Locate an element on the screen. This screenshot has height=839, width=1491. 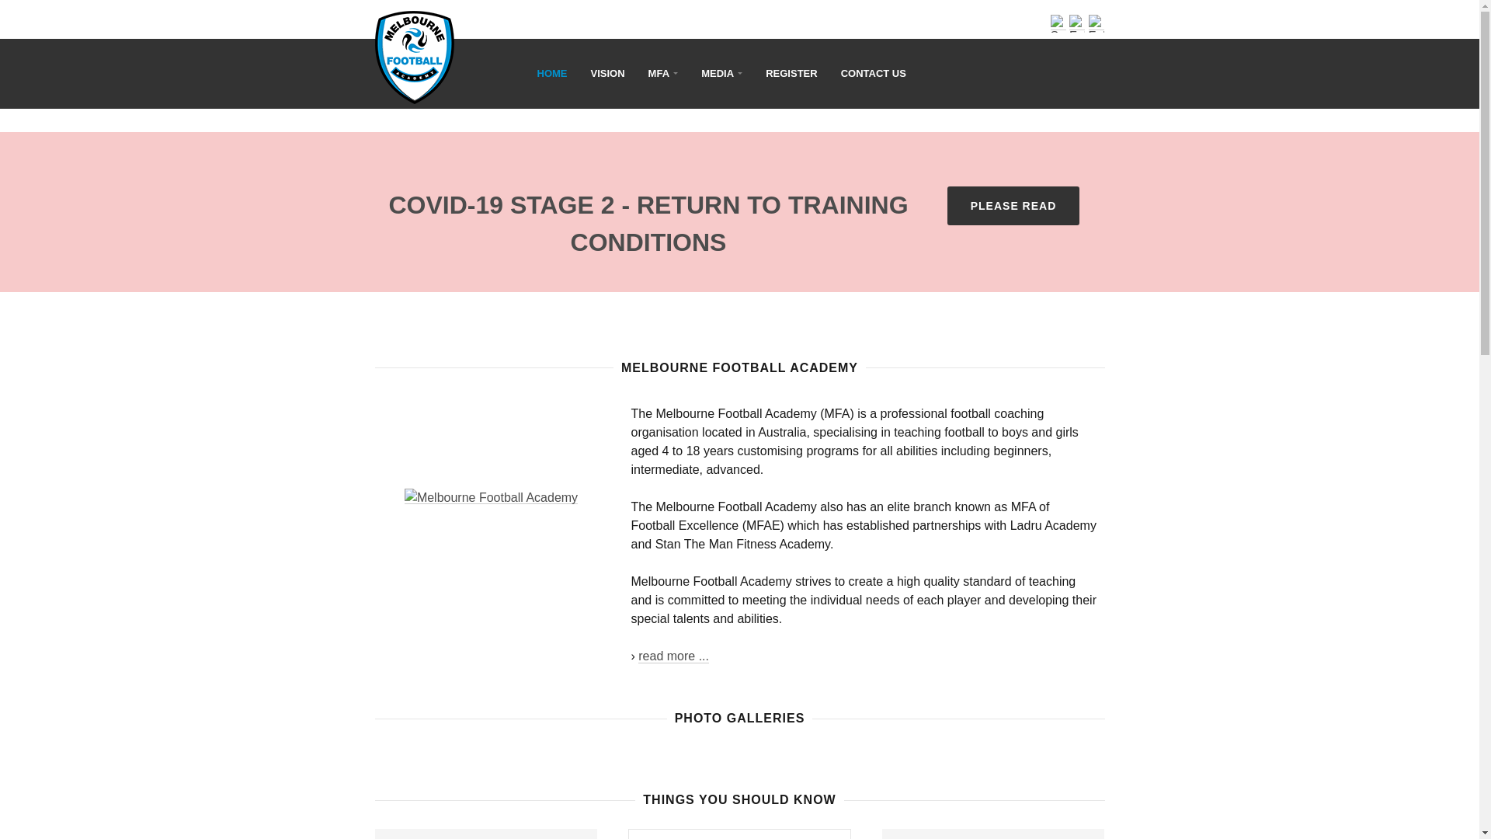
'HOME' is located at coordinates (552, 74).